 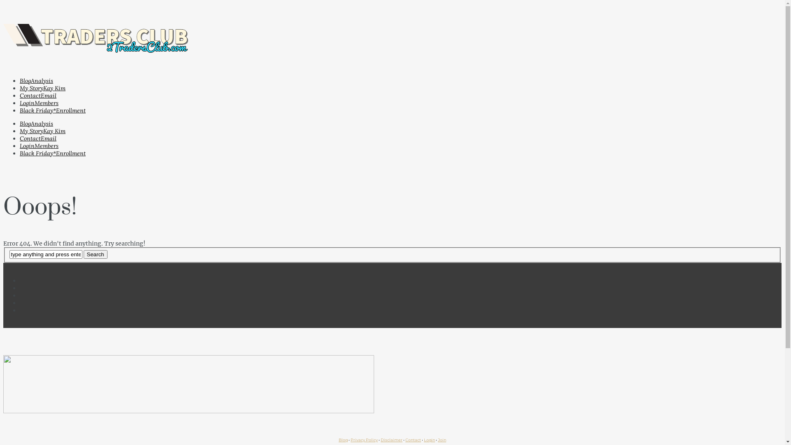 What do you see at coordinates (380, 439) in the screenshot?
I see `'Disclaimer'` at bounding box center [380, 439].